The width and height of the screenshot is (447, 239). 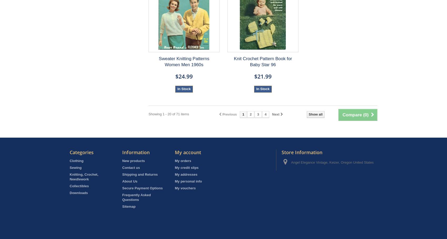 What do you see at coordinates (291, 162) in the screenshot?
I see `'Angel Elegance Vintage, Keizer, Oregon United States'` at bounding box center [291, 162].